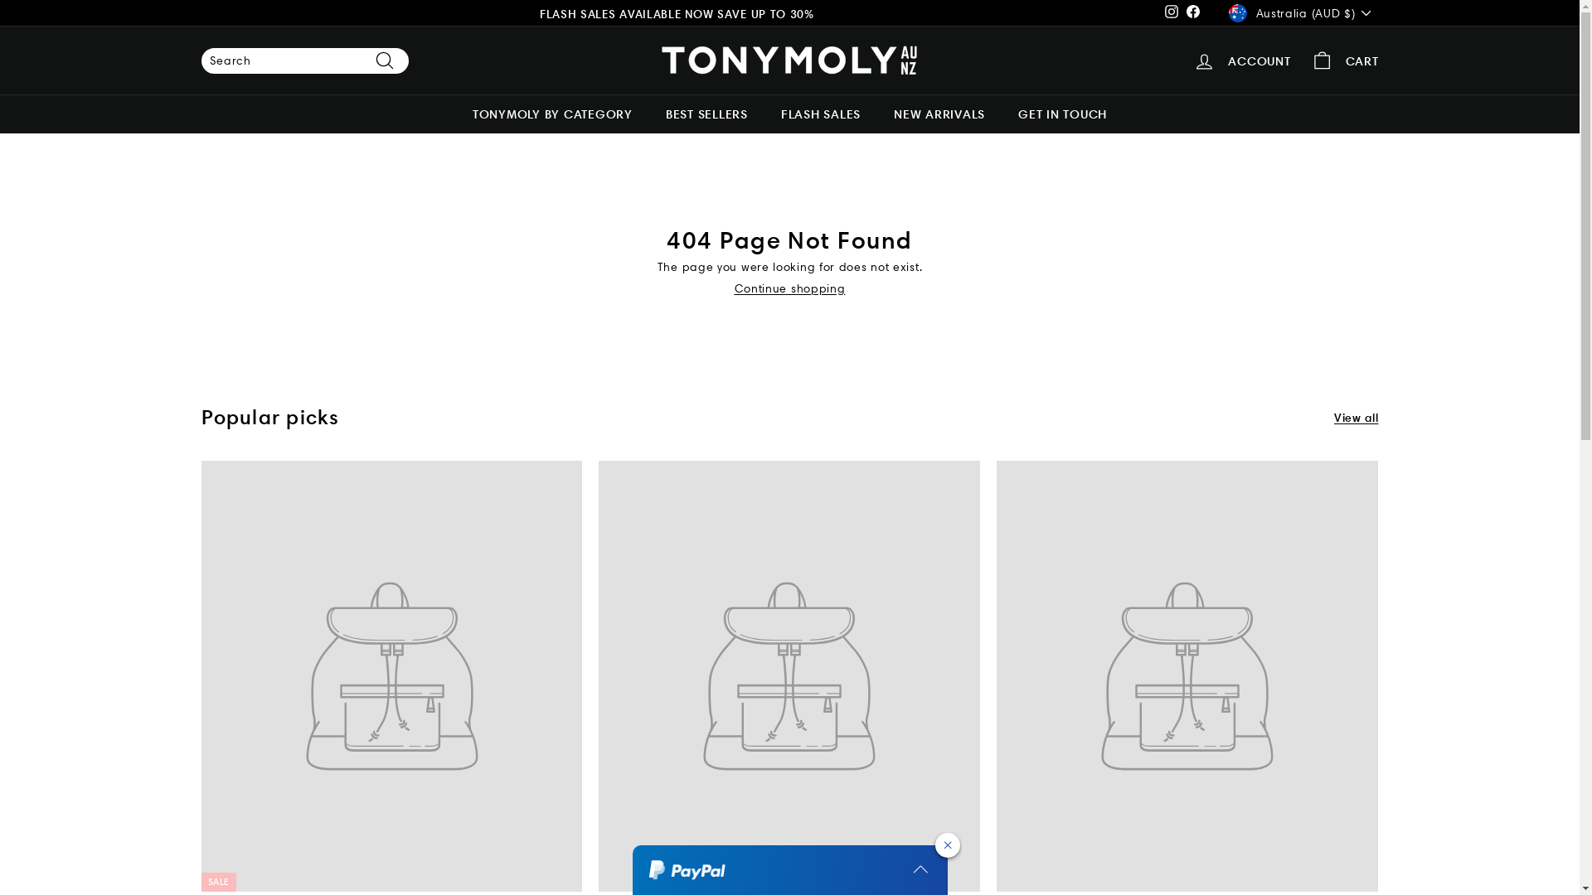  Describe the element at coordinates (734, 287) in the screenshot. I see `'Continue shopping'` at that location.